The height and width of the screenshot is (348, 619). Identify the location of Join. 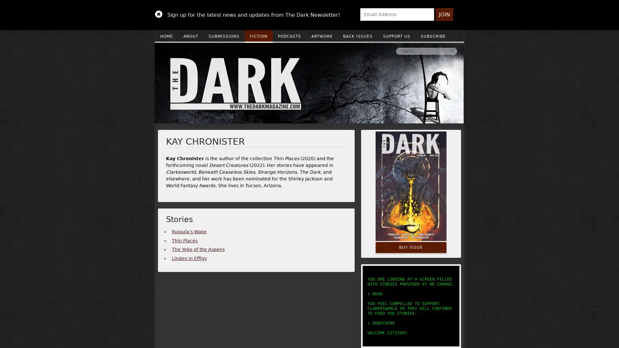
(444, 15).